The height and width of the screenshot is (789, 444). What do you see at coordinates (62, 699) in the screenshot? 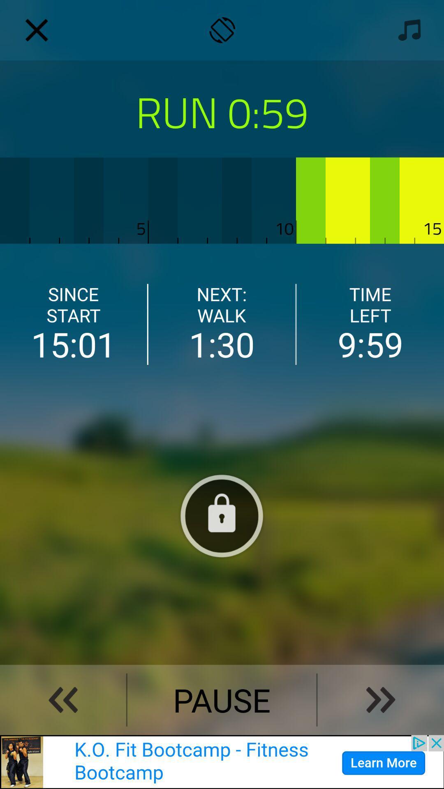
I see `go back` at bounding box center [62, 699].